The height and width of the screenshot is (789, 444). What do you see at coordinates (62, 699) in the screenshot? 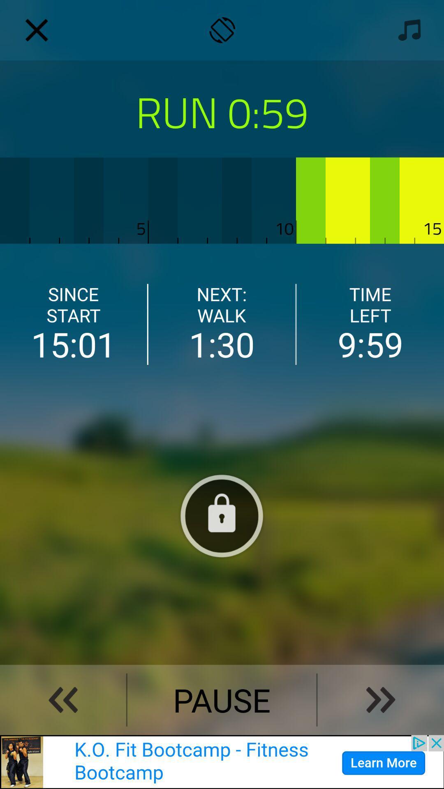
I see `go back` at bounding box center [62, 699].